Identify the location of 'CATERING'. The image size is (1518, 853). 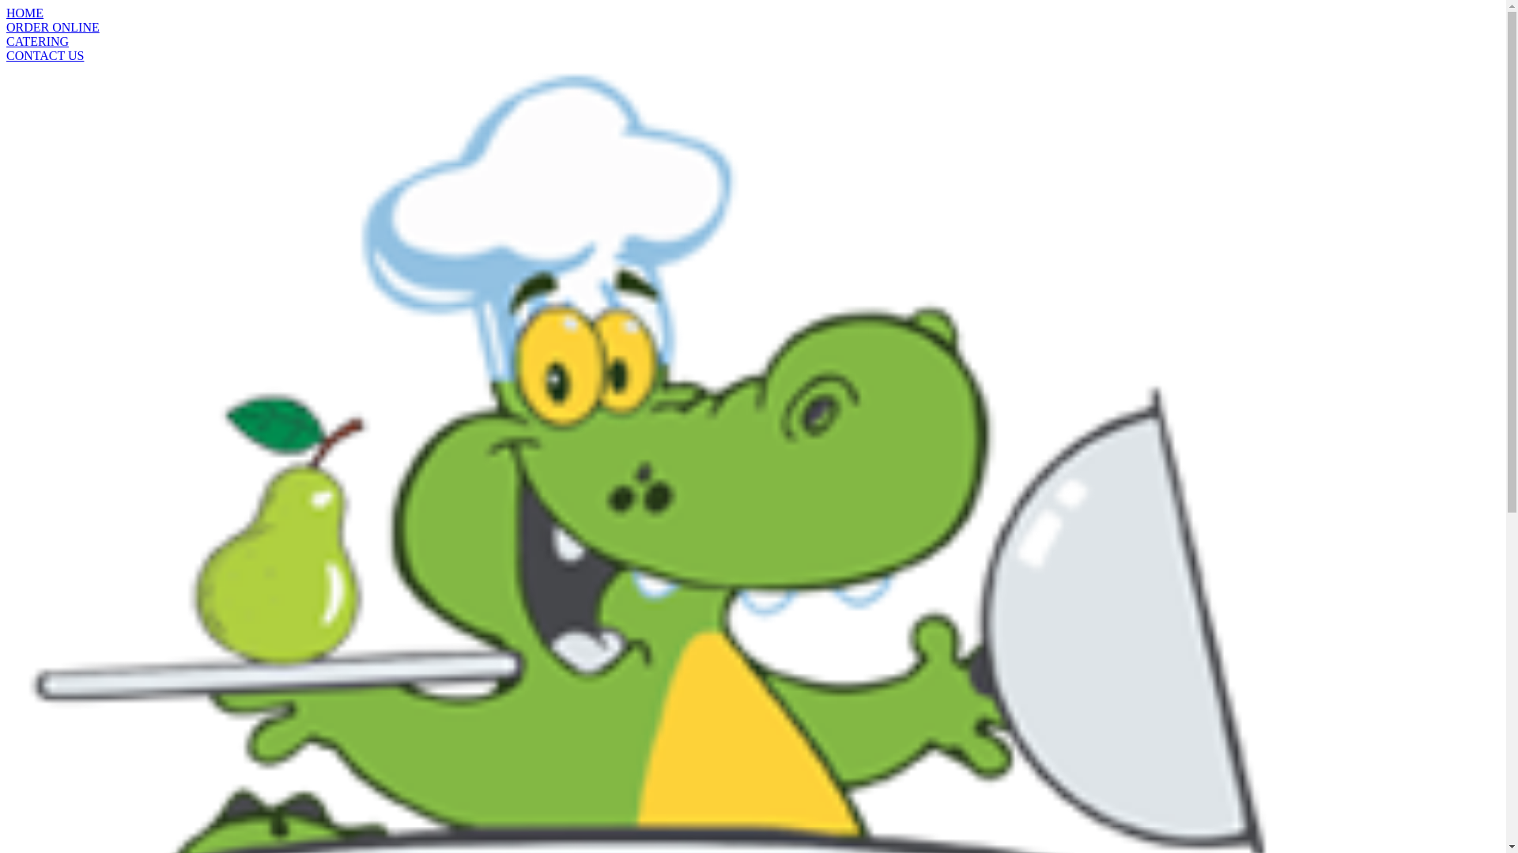
(6, 41).